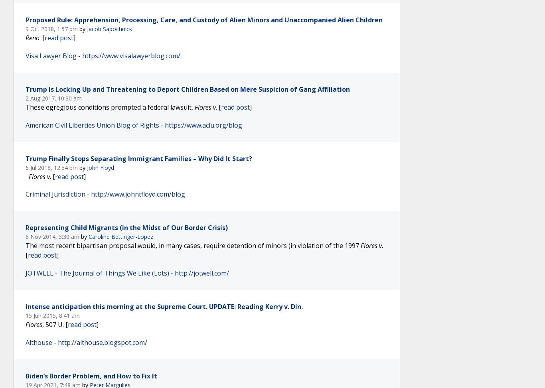 This screenshot has width=545, height=388. Describe the element at coordinates (26, 375) in the screenshot. I see `'Biden’s Border Problem, and How to Fix It'` at that location.